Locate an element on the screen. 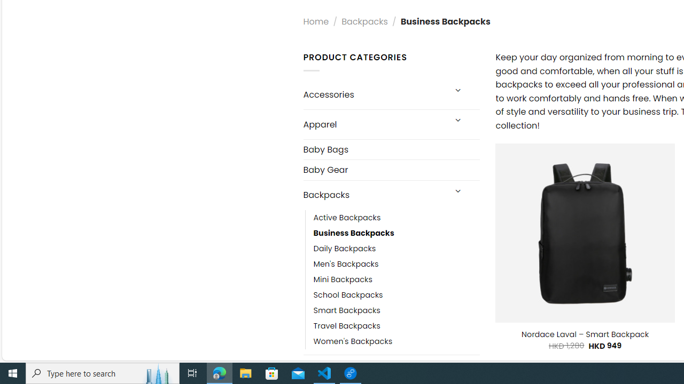  'Active Backpacks' is located at coordinates (396, 217).